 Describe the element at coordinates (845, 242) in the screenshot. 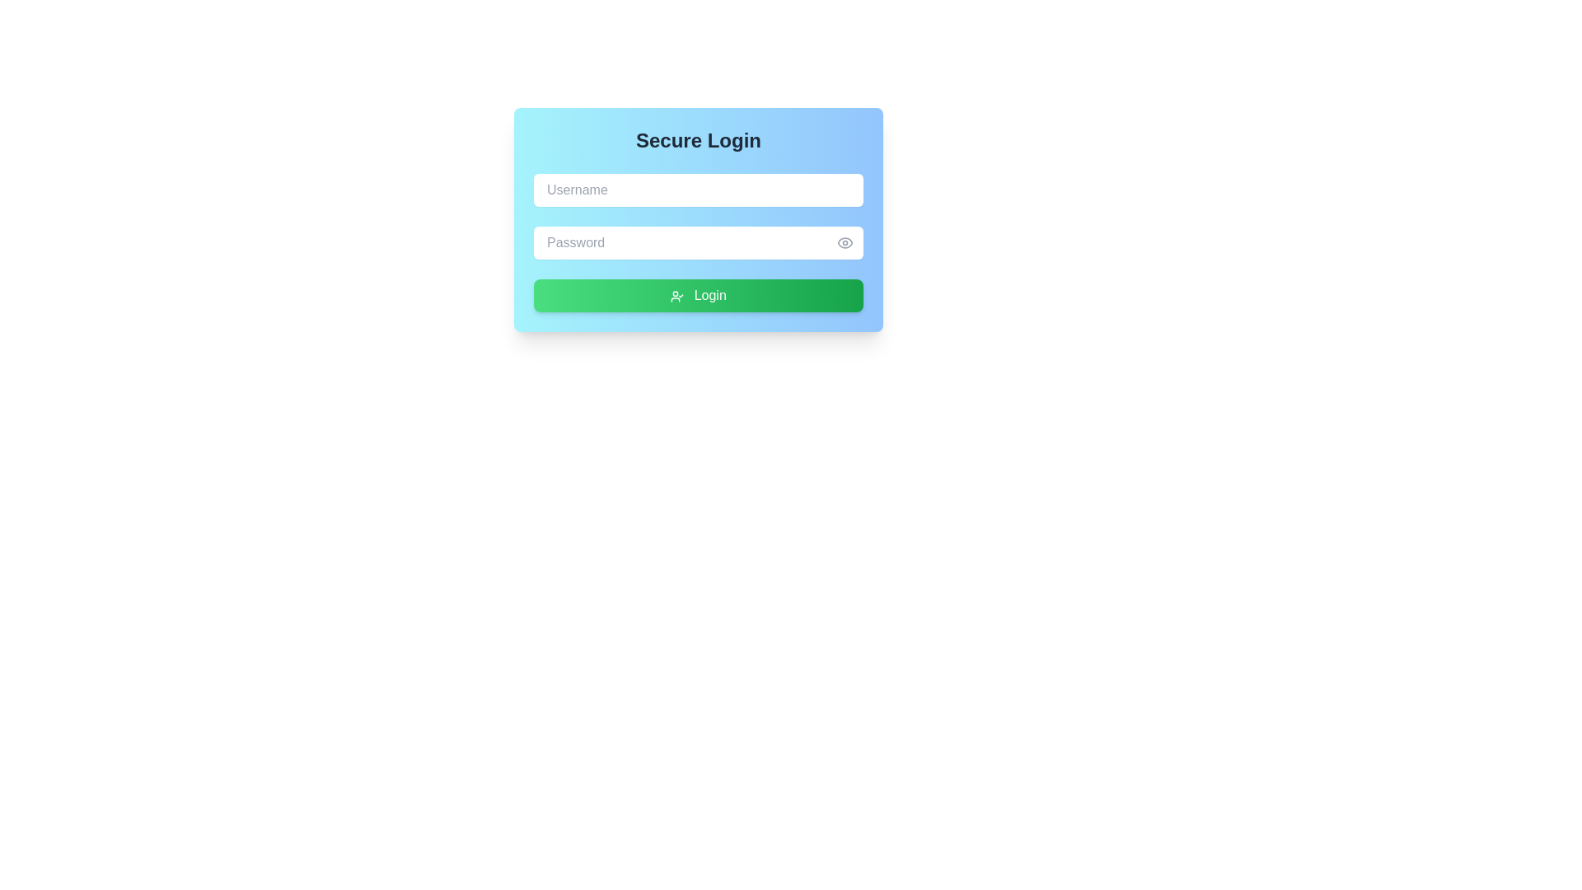

I see `the eye-shaped icon located to the right of the password input field and above the login button` at that location.